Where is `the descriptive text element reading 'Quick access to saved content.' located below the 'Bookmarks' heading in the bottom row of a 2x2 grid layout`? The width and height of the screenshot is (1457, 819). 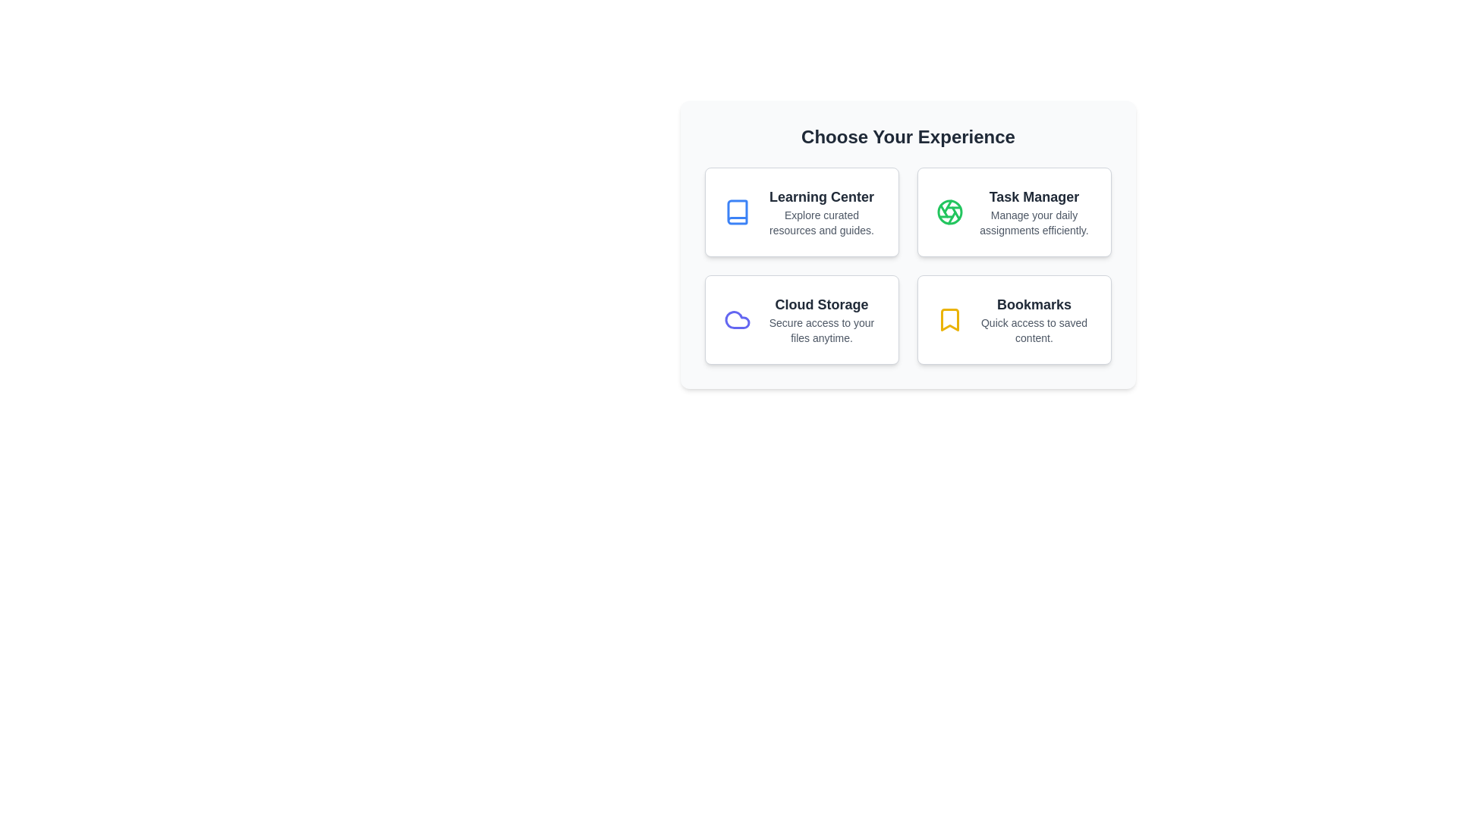 the descriptive text element reading 'Quick access to saved content.' located below the 'Bookmarks' heading in the bottom row of a 2x2 grid layout is located at coordinates (1034, 329).